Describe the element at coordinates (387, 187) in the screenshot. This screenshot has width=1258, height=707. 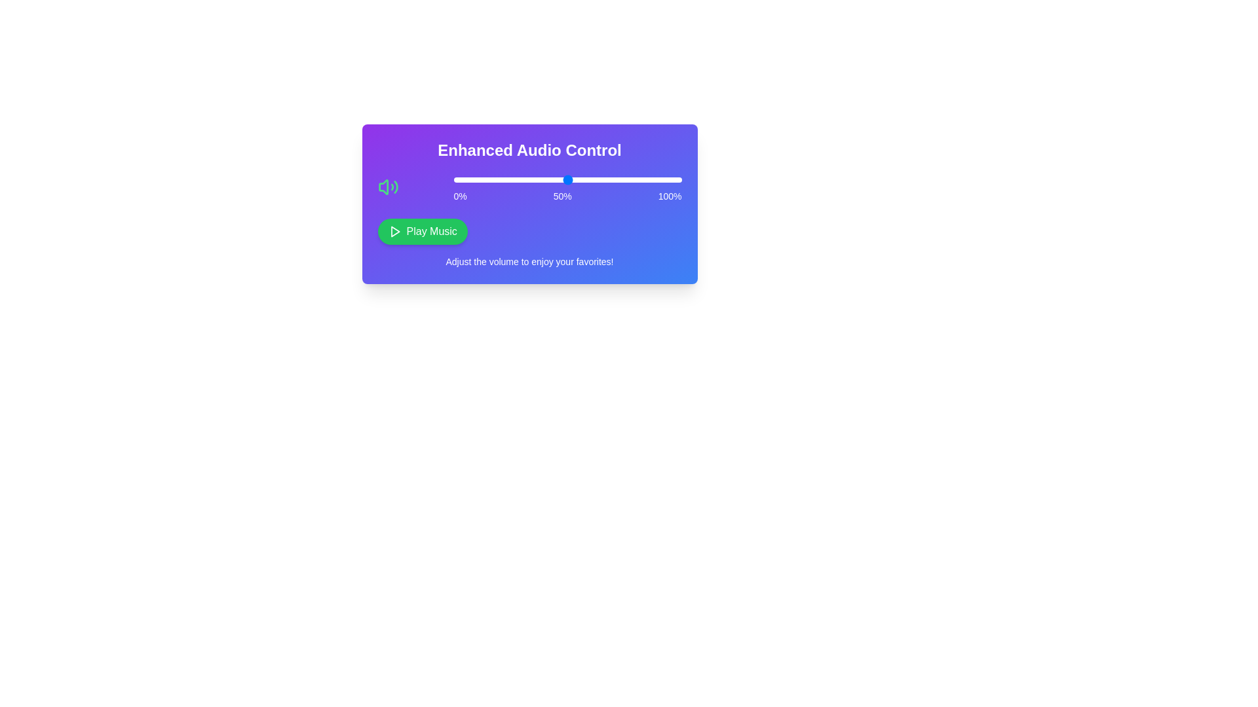
I see `the volume icon to visually assess the current volume state` at that location.